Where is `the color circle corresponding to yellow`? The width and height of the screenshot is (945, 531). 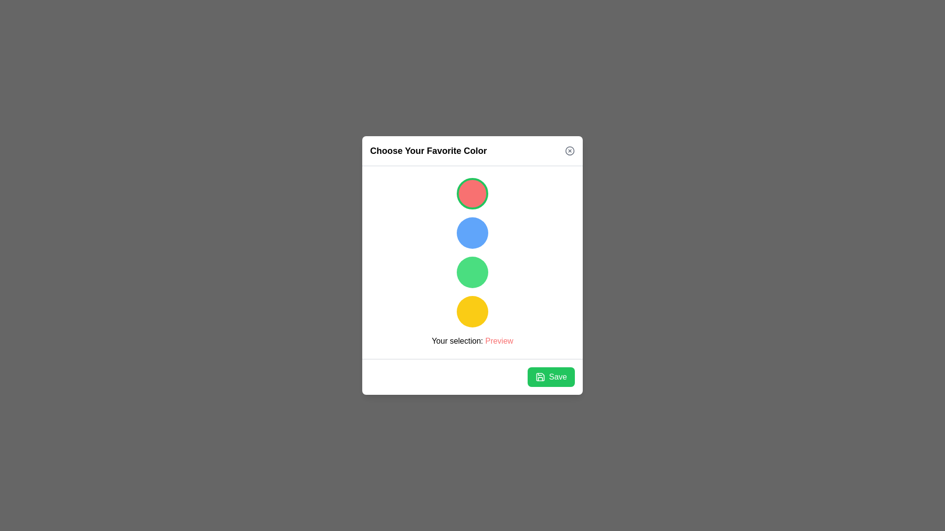 the color circle corresponding to yellow is located at coordinates (472, 311).